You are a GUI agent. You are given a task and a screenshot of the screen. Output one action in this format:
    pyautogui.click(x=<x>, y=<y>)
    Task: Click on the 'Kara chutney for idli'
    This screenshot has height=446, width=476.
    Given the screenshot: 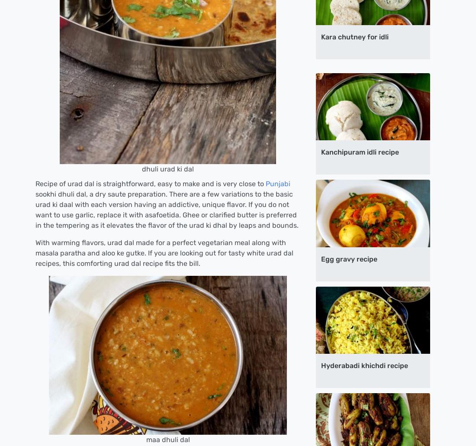 What is the action you would take?
    pyautogui.click(x=355, y=37)
    